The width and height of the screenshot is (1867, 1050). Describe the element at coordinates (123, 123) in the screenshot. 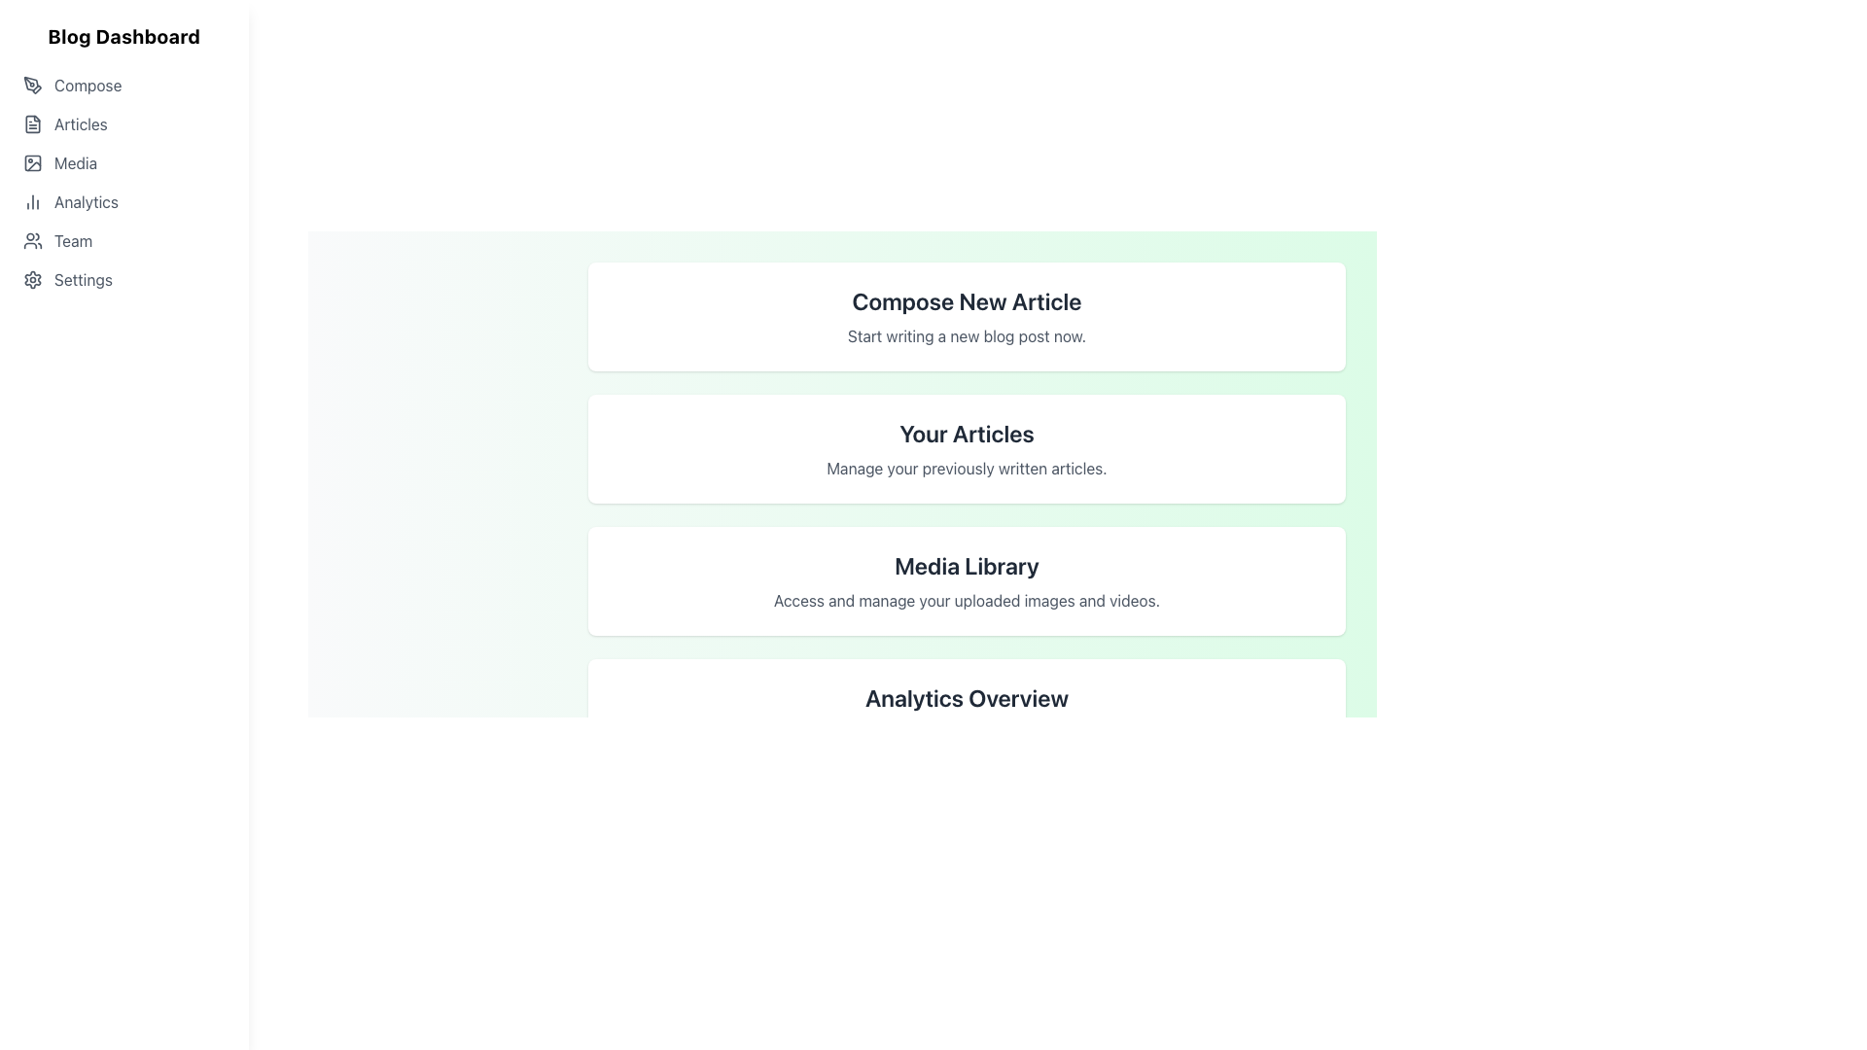

I see `on the 'Articles' navigation link located as the second item in the vertical navigation list on the left side of the interface` at that location.